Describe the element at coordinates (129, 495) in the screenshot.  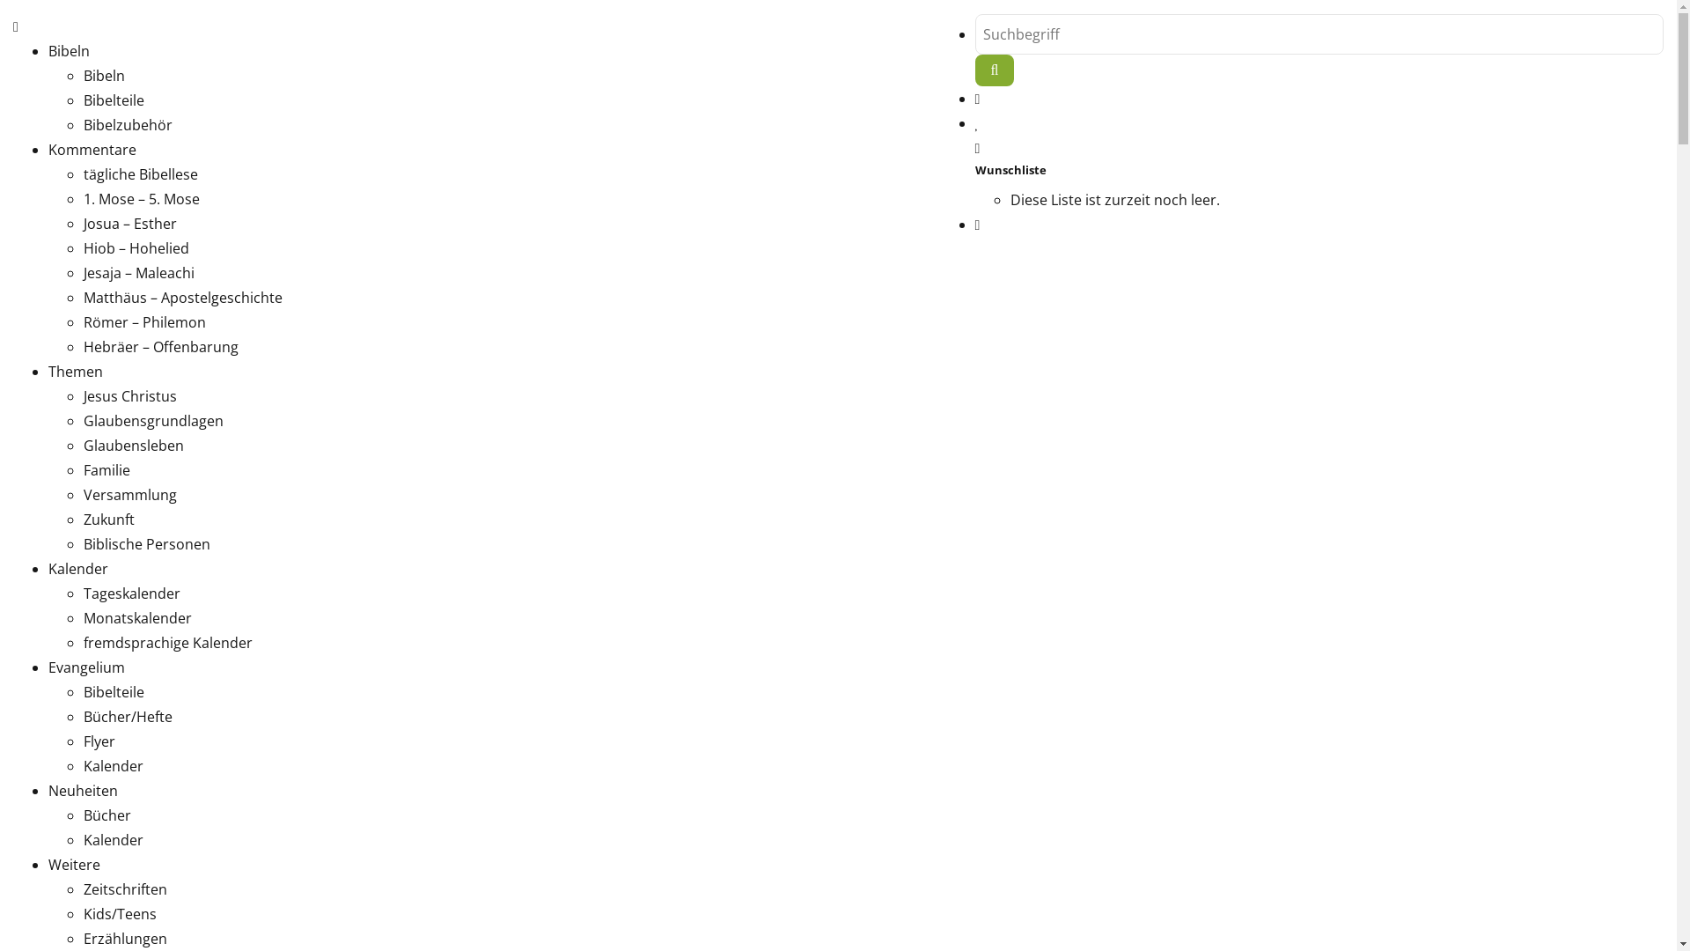
I see `'Versammlung'` at that location.